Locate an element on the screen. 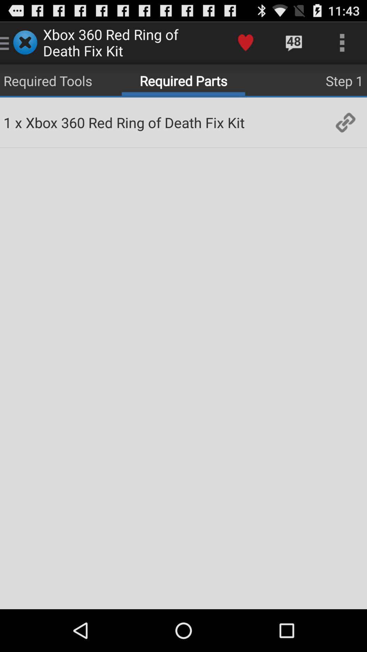 This screenshot has height=652, width=367. the x app is located at coordinates (18, 122).